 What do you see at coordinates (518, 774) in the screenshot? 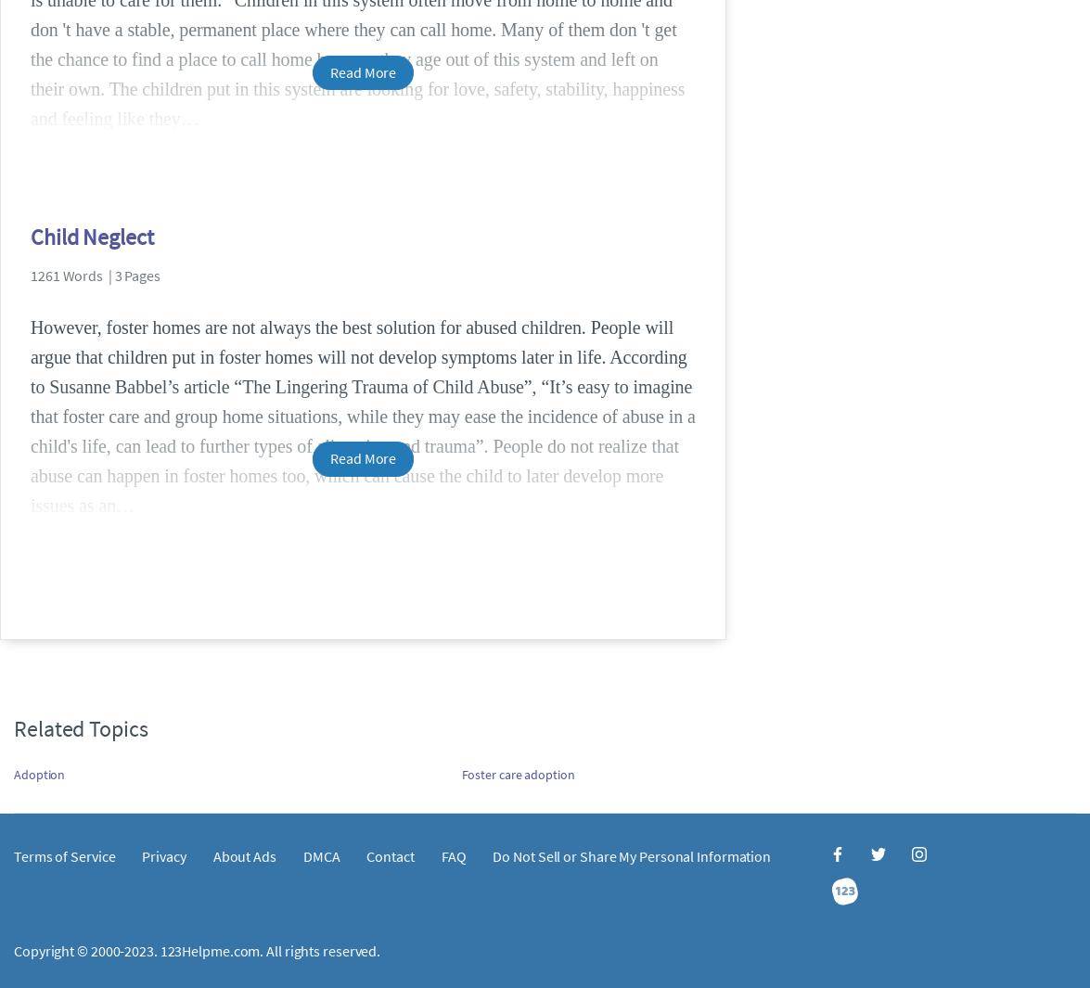
I see `'Foster care adoption'` at bounding box center [518, 774].